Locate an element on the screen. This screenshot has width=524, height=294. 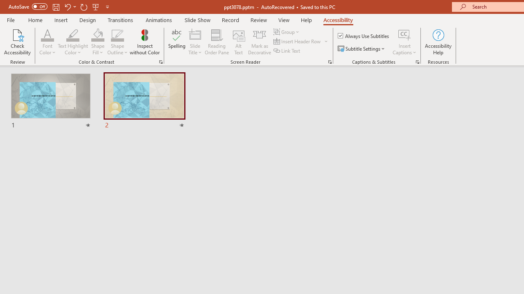
'Insert Captions' is located at coordinates (404, 34).